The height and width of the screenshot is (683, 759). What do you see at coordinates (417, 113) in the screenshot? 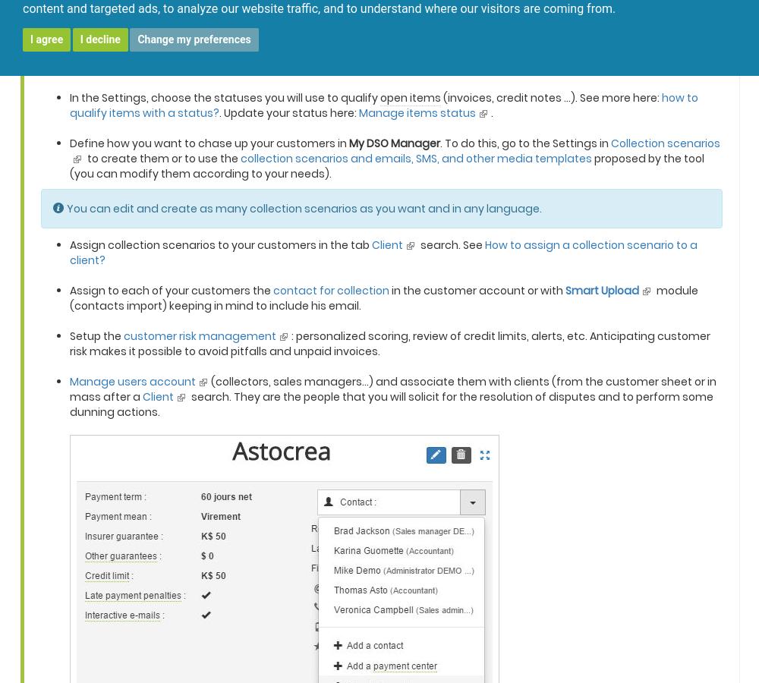
I see `'Manage items status'` at bounding box center [417, 113].